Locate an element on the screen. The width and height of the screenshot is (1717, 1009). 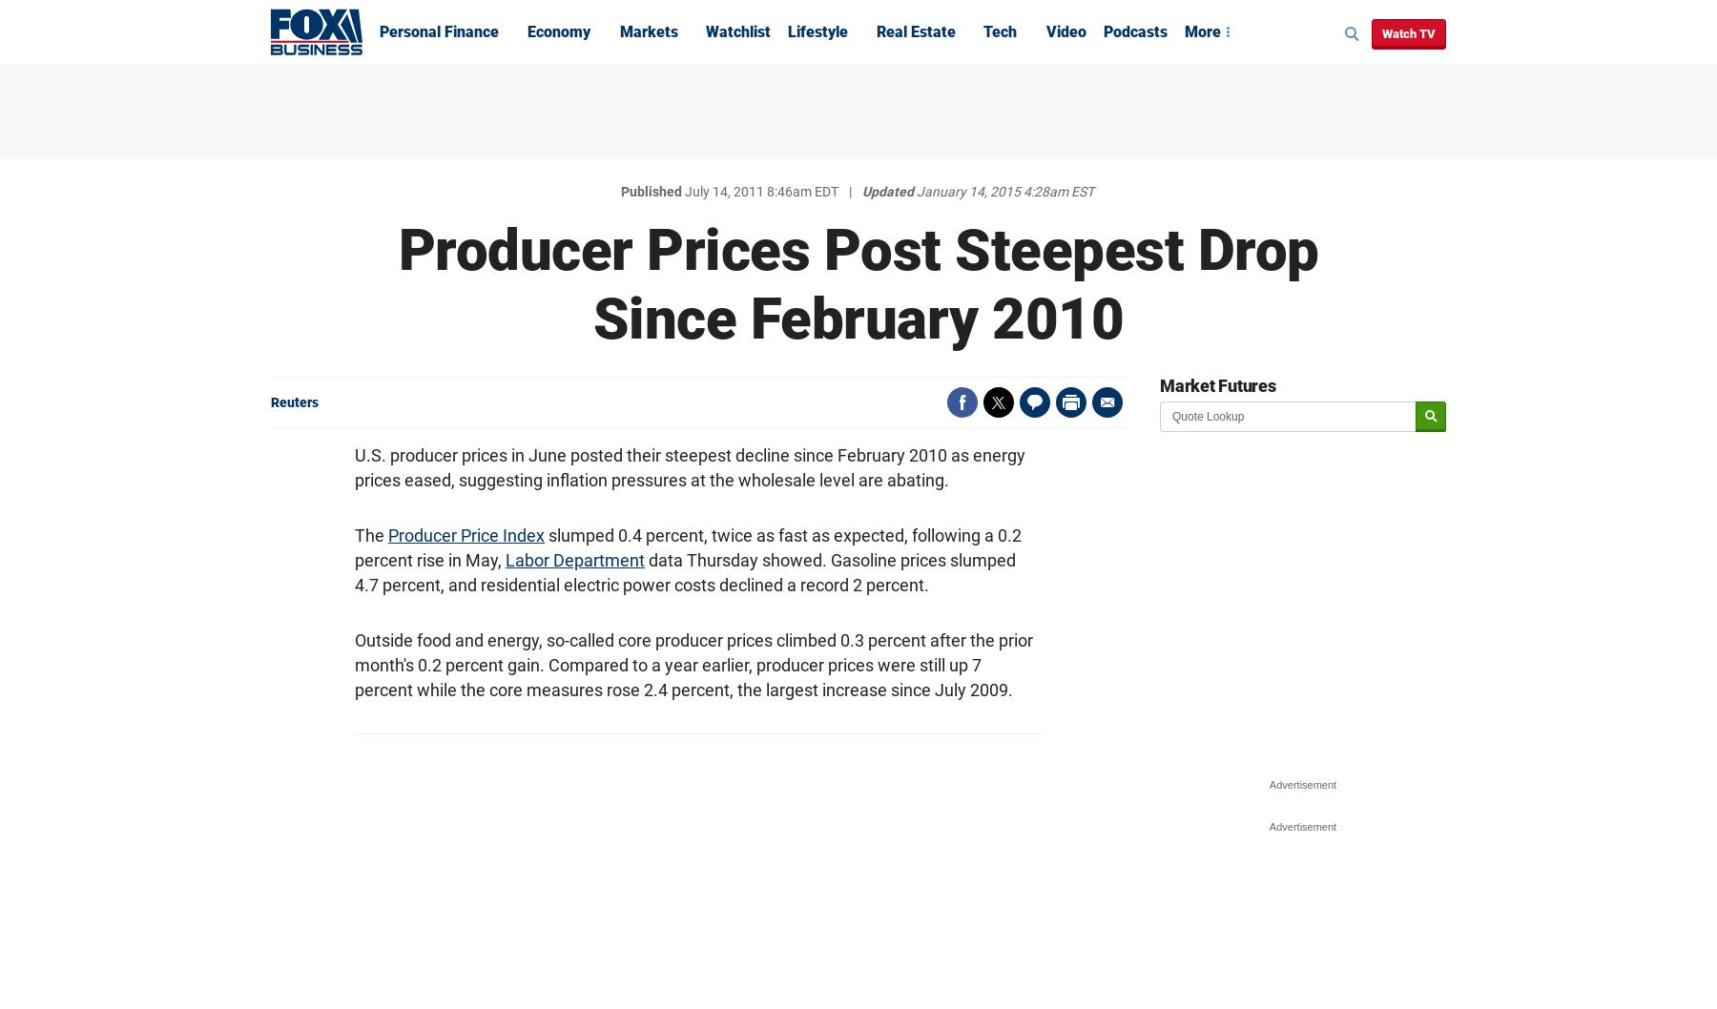
'data Thursday showed. Gasoline prices slumped 4.7 percent, and residential electric power costs declined a record 2 percent.' is located at coordinates (684, 572).